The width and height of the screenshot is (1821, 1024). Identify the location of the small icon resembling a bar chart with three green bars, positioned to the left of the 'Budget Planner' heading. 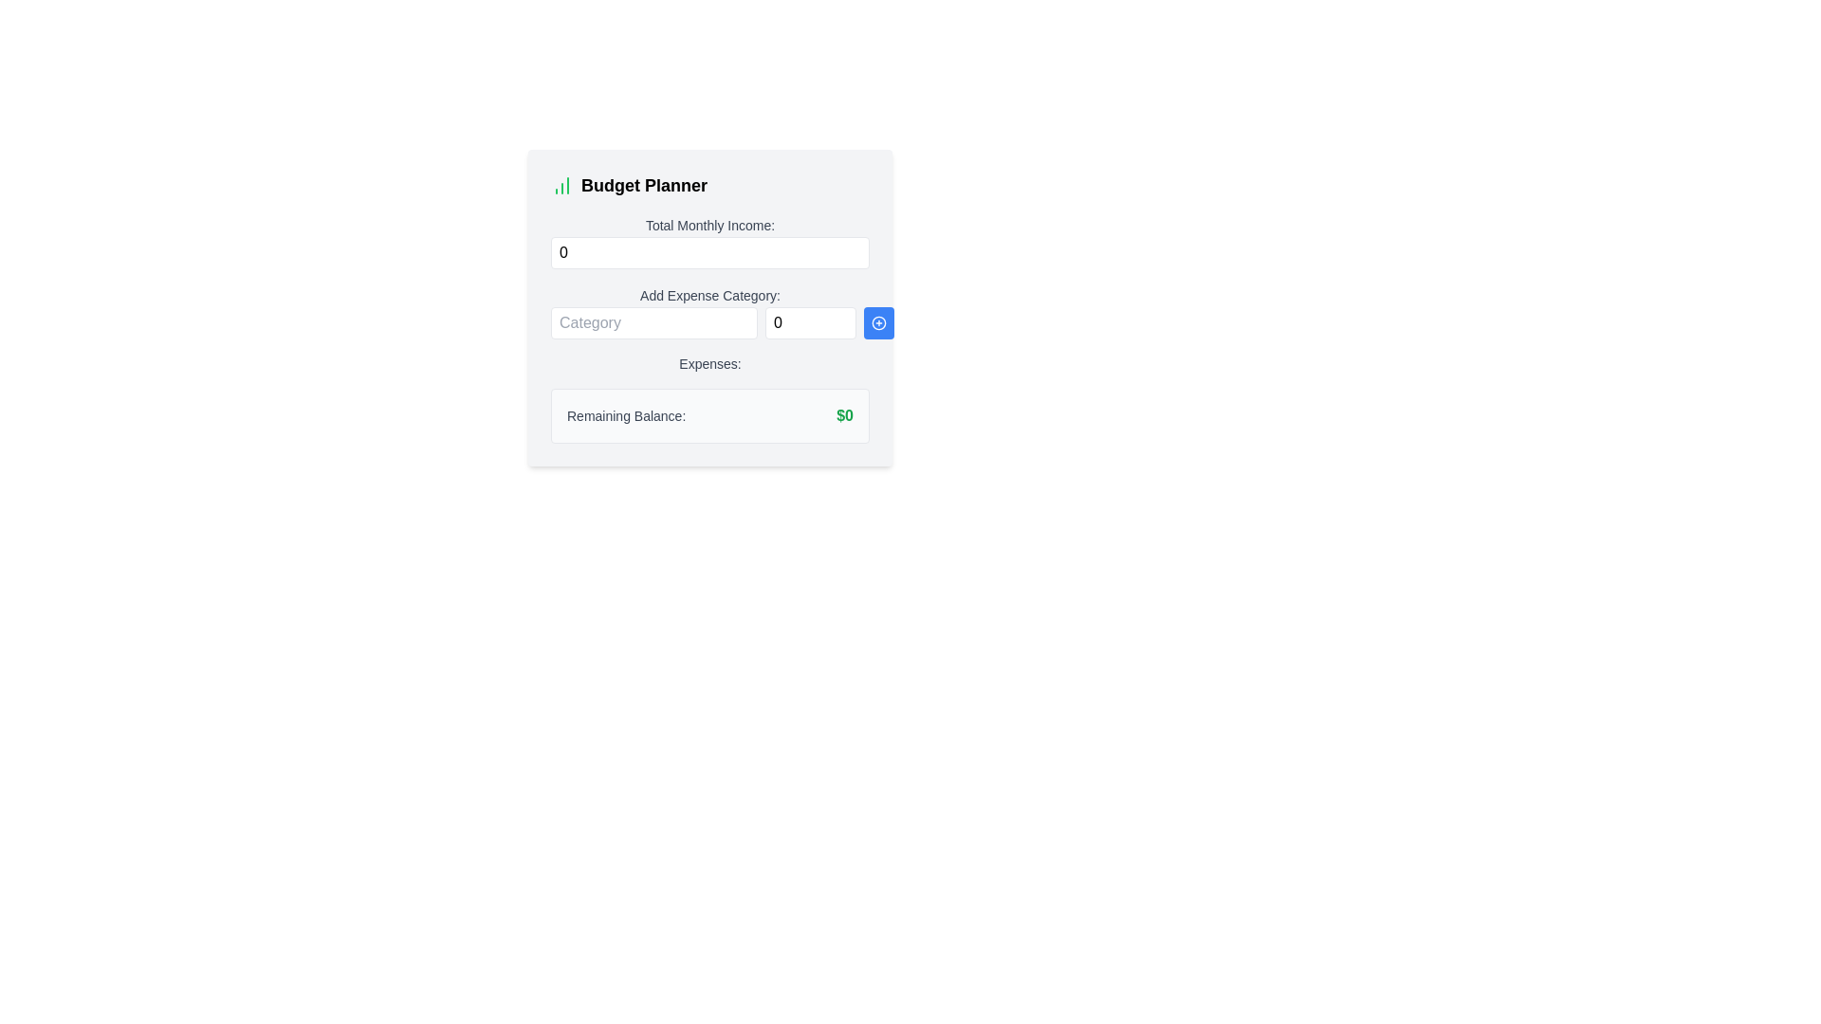
(561, 186).